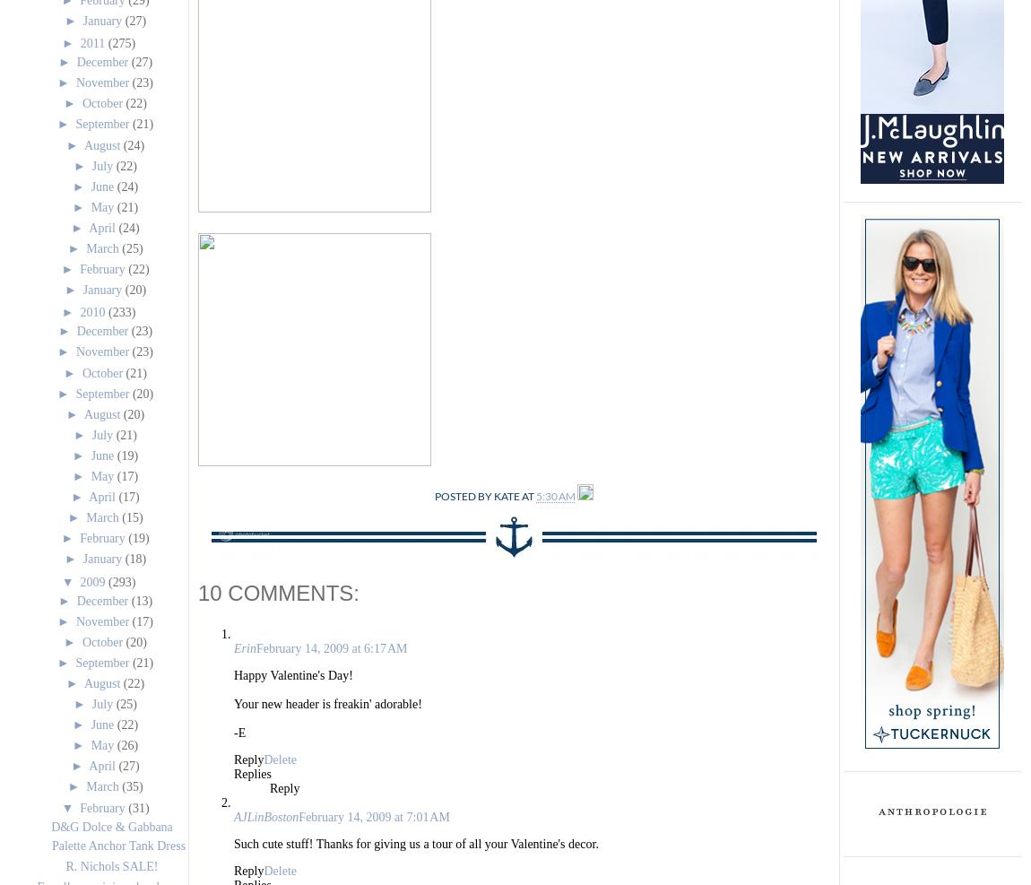 This screenshot has height=885, width=1031. I want to click on '(13)', so click(130, 600).